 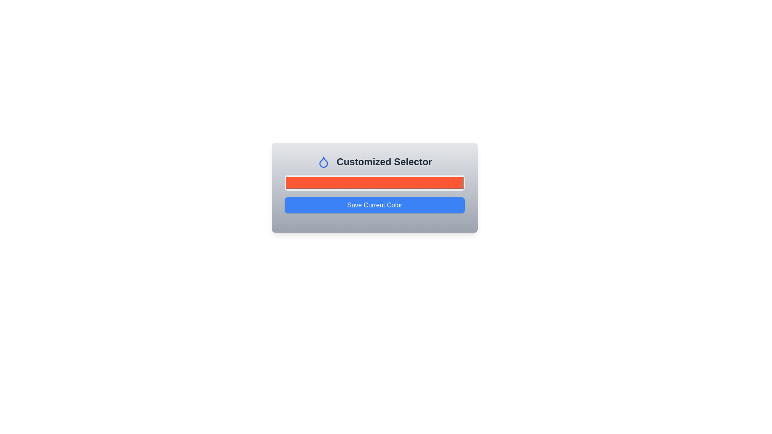 I want to click on the vibrant red color input field with rounded corners, so click(x=374, y=183).